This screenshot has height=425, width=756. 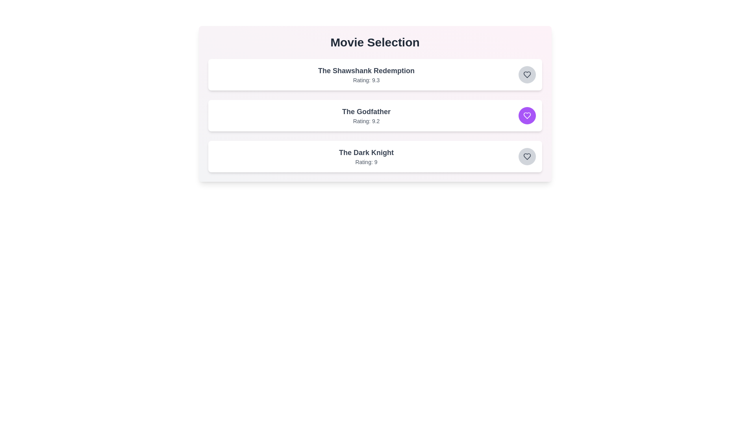 I want to click on favorite button for the movie titled The Dark Knight to toggle its favorite status, so click(x=527, y=156).